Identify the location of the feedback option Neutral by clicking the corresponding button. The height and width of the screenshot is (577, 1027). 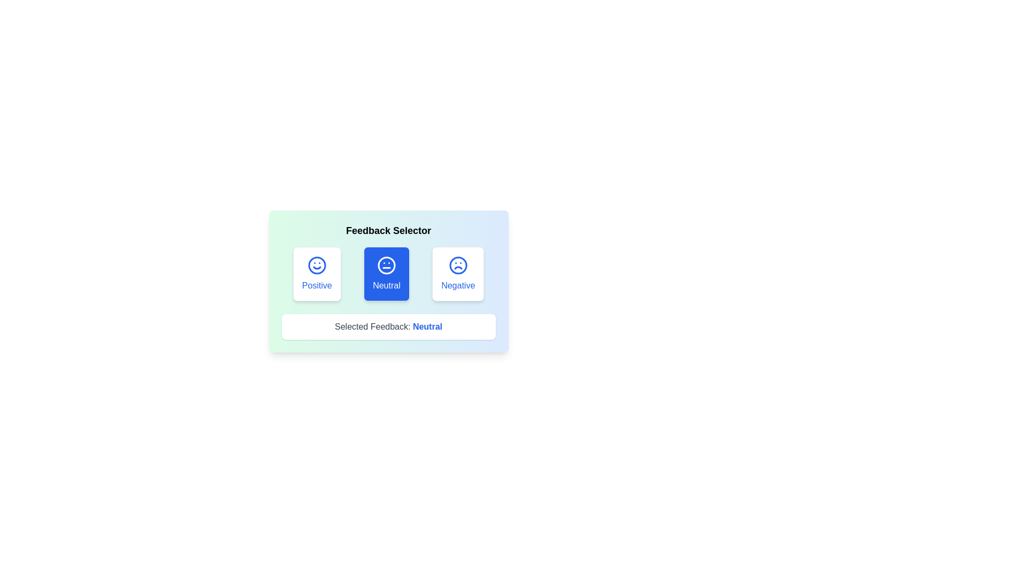
(386, 274).